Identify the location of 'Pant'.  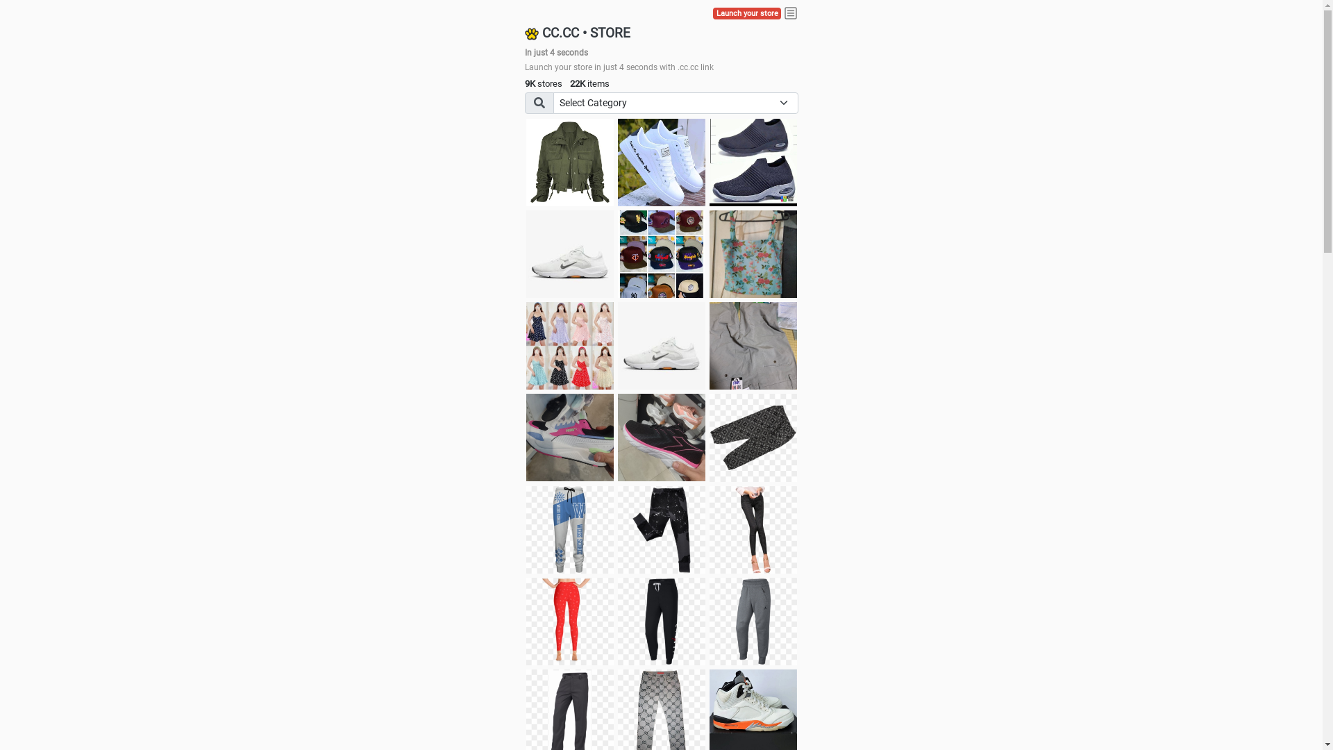
(710, 620).